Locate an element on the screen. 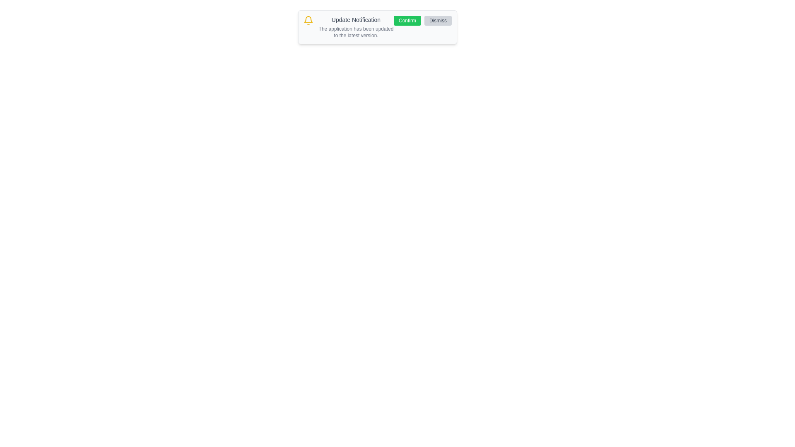  the user notification text element that indicates an application update, located centrally in the notification card layout, positioned between a bell icon and the 'Confirm' and 'Dismiss' buttons is located at coordinates (356, 26).